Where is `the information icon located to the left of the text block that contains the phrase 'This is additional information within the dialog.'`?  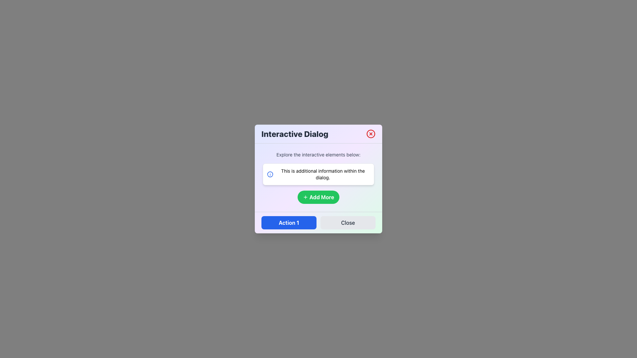
the information icon located to the left of the text block that contains the phrase 'This is additional information within the dialog.' is located at coordinates (270, 174).